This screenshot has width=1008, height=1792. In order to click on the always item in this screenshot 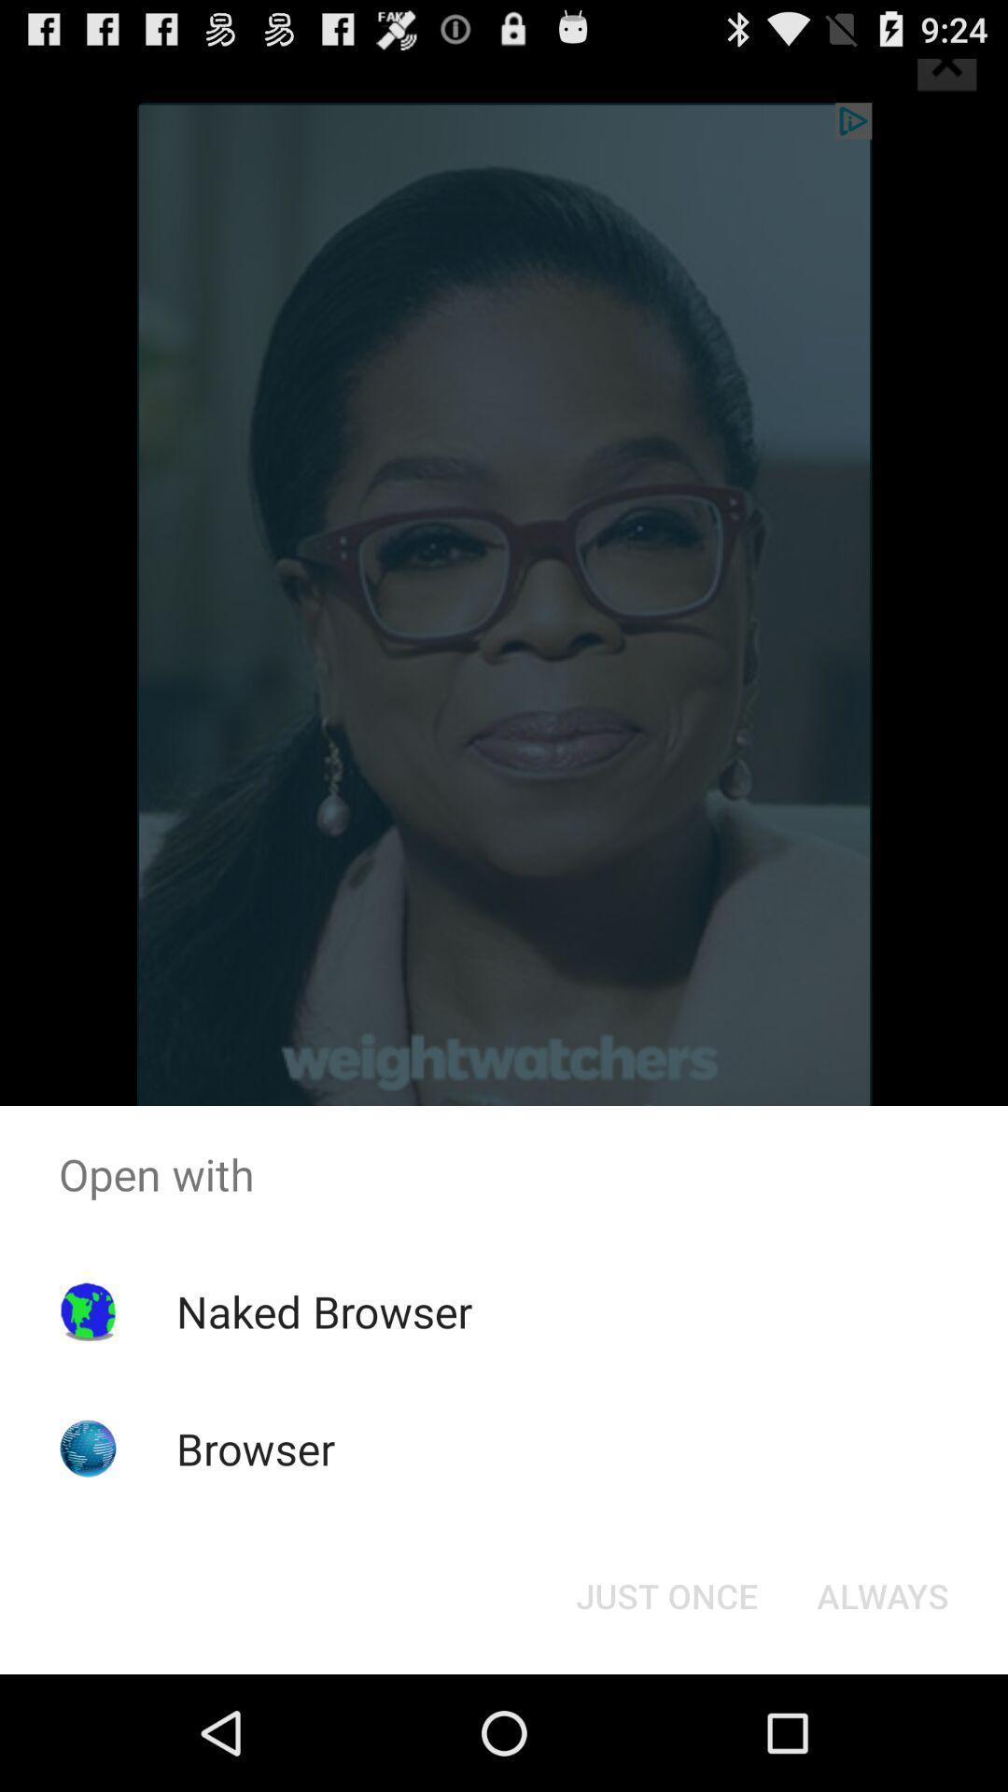, I will do `click(882, 1594)`.